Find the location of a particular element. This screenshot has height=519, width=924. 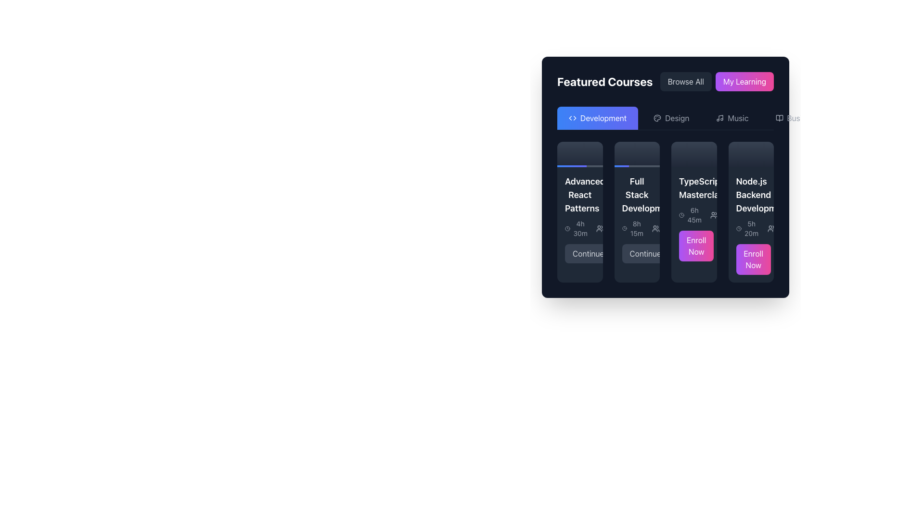

the progress or indicator bar located at the bottom of the 'Development' card, which spans 32% of the width and is positioned toward the left is located at coordinates (621, 166).